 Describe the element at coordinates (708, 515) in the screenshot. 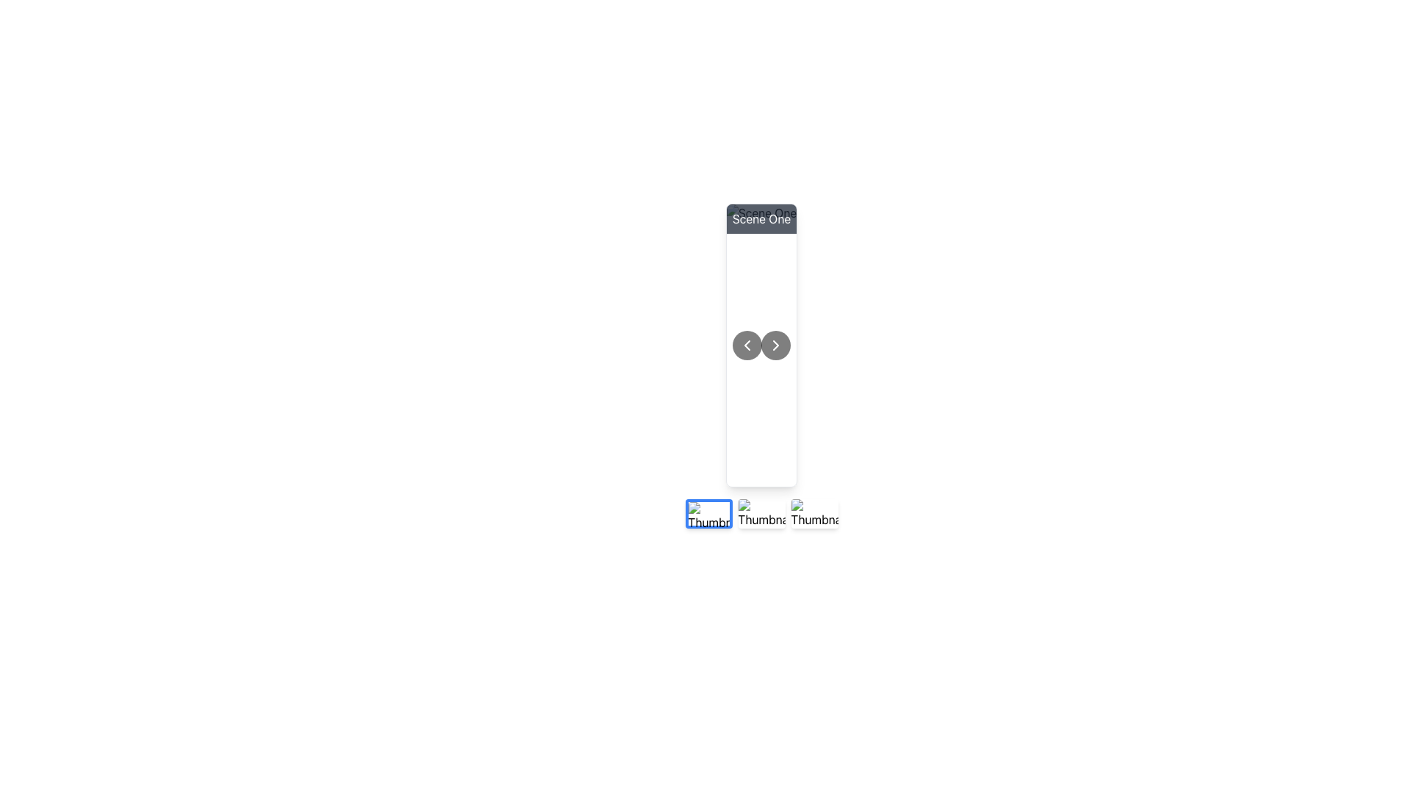

I see `the thumbnail image element with rounded corners and alt text 'Thumbnail', located near the bottom-left area of the interface` at that location.